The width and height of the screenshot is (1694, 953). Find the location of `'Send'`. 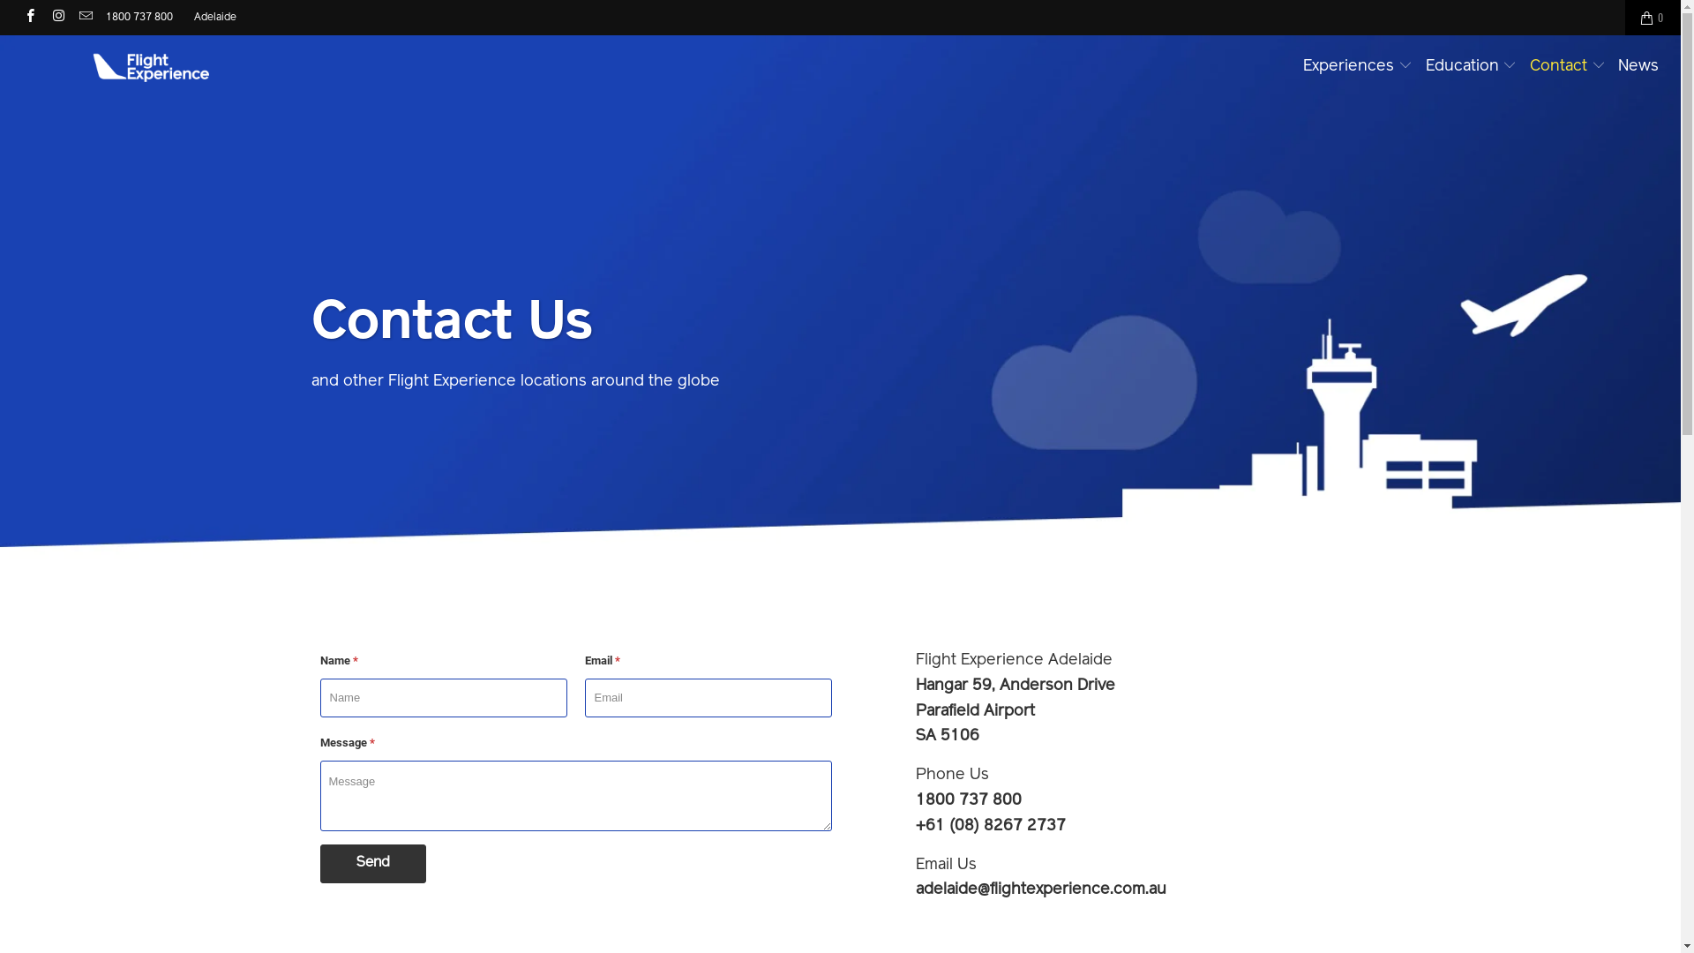

'Send' is located at coordinates (371, 863).